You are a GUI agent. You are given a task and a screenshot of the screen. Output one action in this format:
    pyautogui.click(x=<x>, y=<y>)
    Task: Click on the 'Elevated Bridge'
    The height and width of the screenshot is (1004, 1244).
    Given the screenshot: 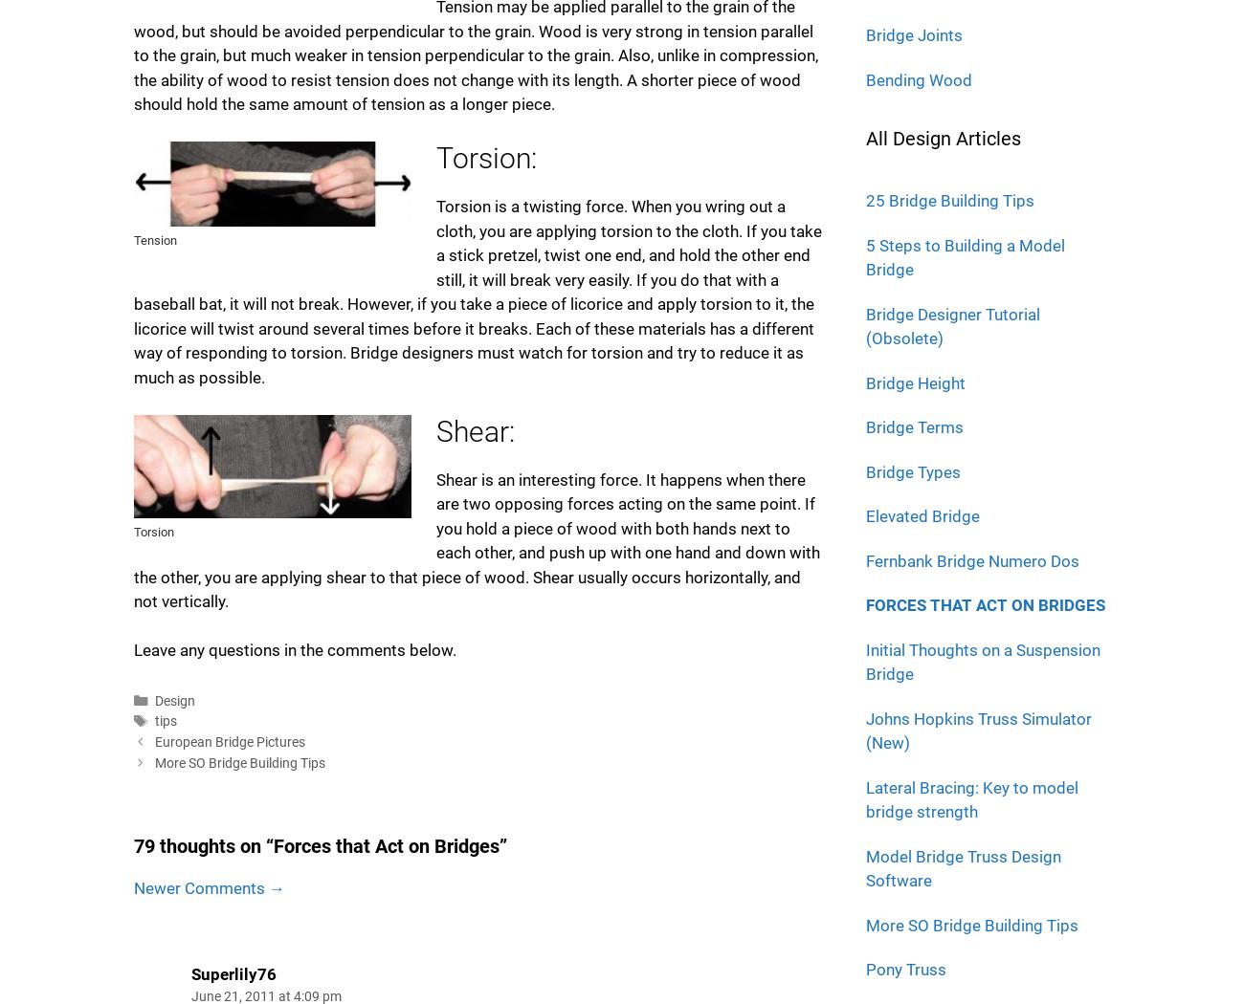 What is the action you would take?
    pyautogui.click(x=865, y=516)
    